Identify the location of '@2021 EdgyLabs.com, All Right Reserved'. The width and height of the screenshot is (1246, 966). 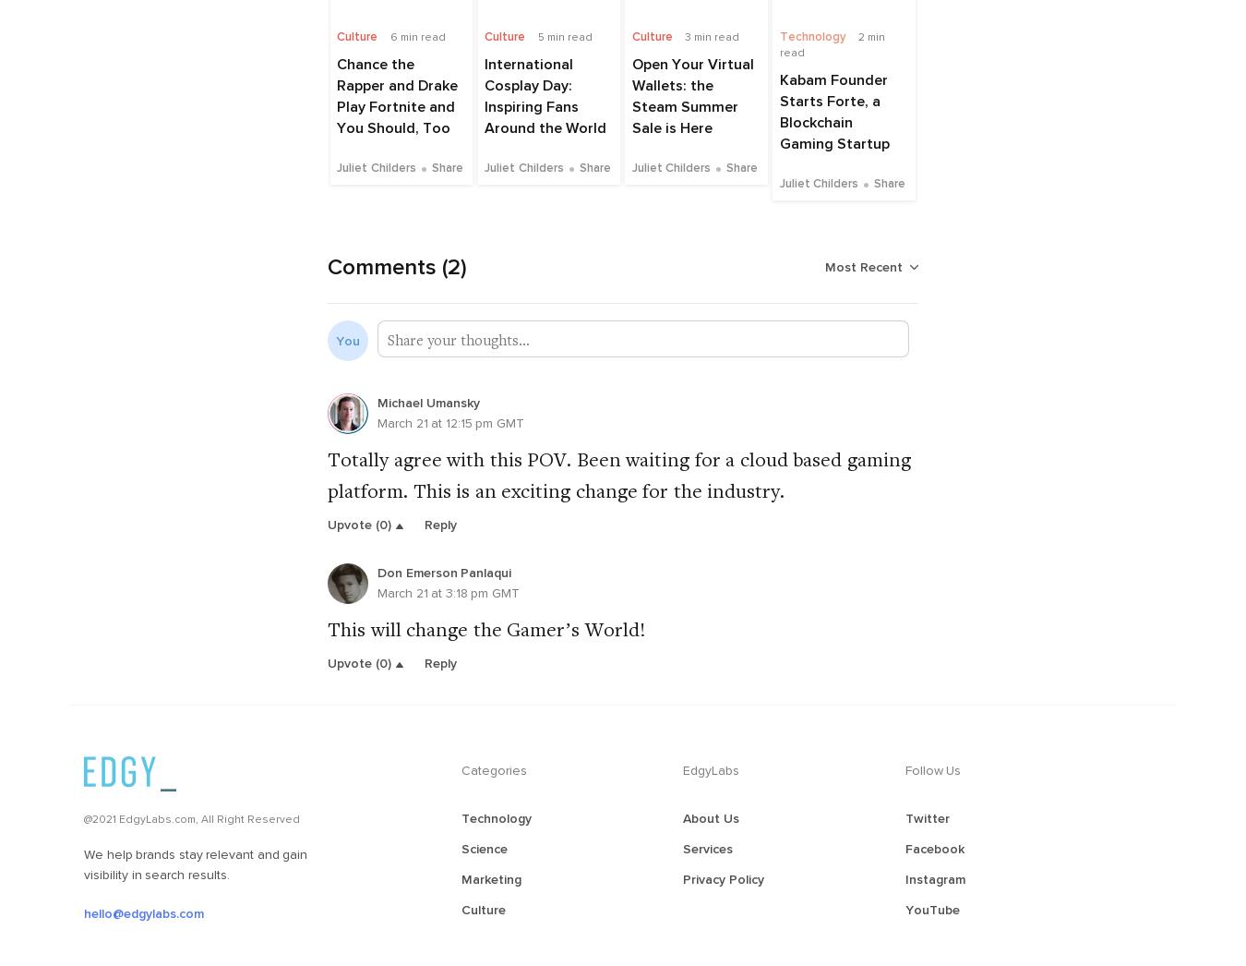
(192, 817).